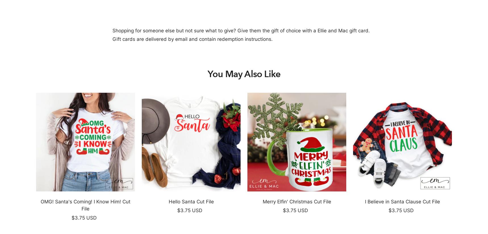  Describe the element at coordinates (382, 194) in the screenshot. I see `'Ellie and Mac Facebook group'` at that location.